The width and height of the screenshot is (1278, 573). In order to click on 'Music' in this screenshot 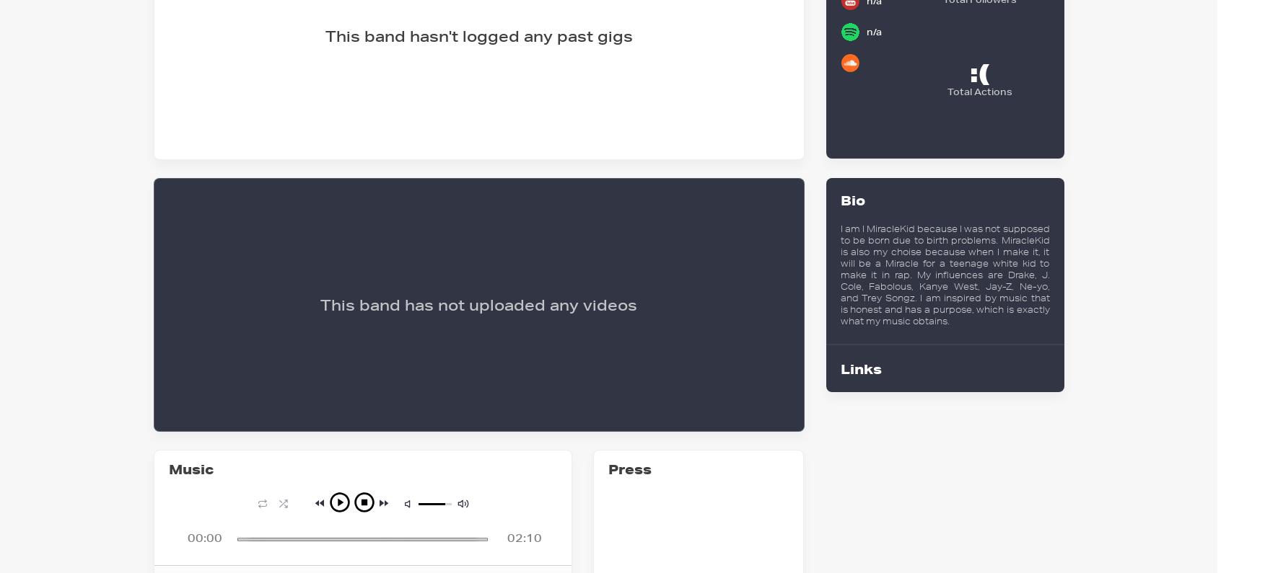, I will do `click(190, 468)`.